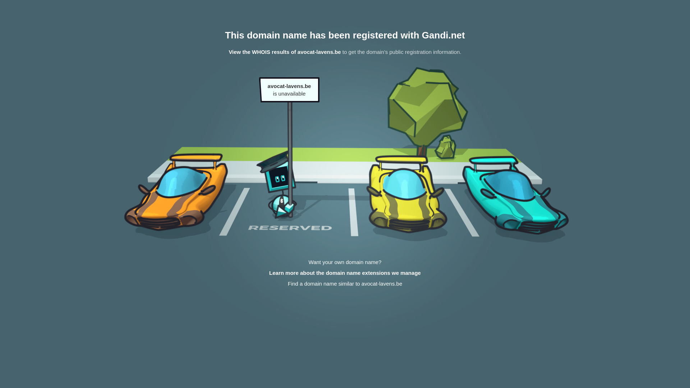  I want to click on 'Find a domain name similar to avocat-lavens.be', so click(345, 283).